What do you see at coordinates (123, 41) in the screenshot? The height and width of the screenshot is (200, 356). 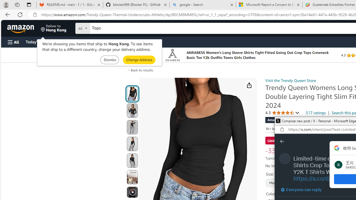 I see `'Gift Cards'` at bounding box center [123, 41].